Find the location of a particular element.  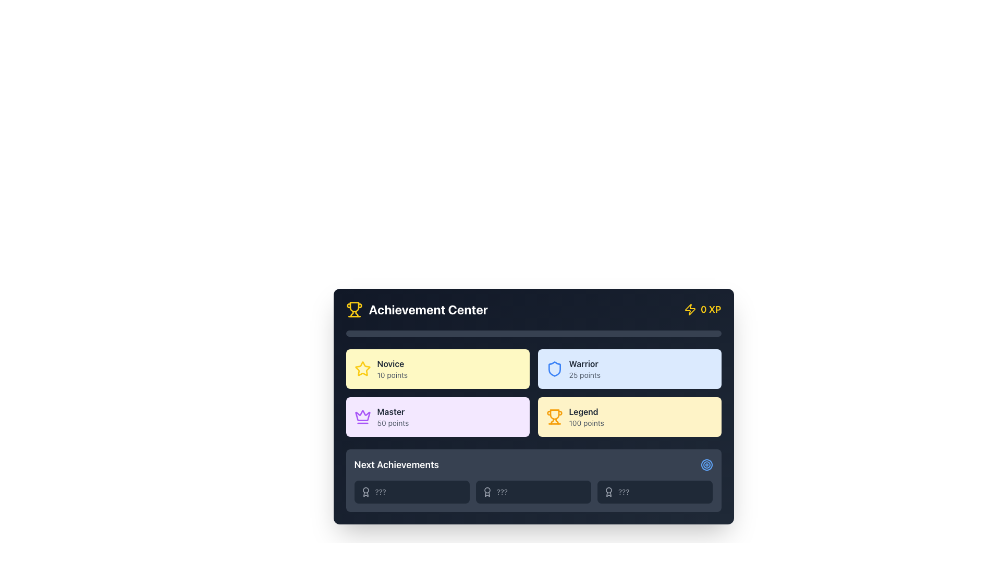

the shield icon with a blue outline and light blue background located in the 'Warrior' achievement section, found in the upper-right quadrant of the 'Achievement Center' panel, adjacent to 'Warrior 25 points' is located at coordinates (554, 369).